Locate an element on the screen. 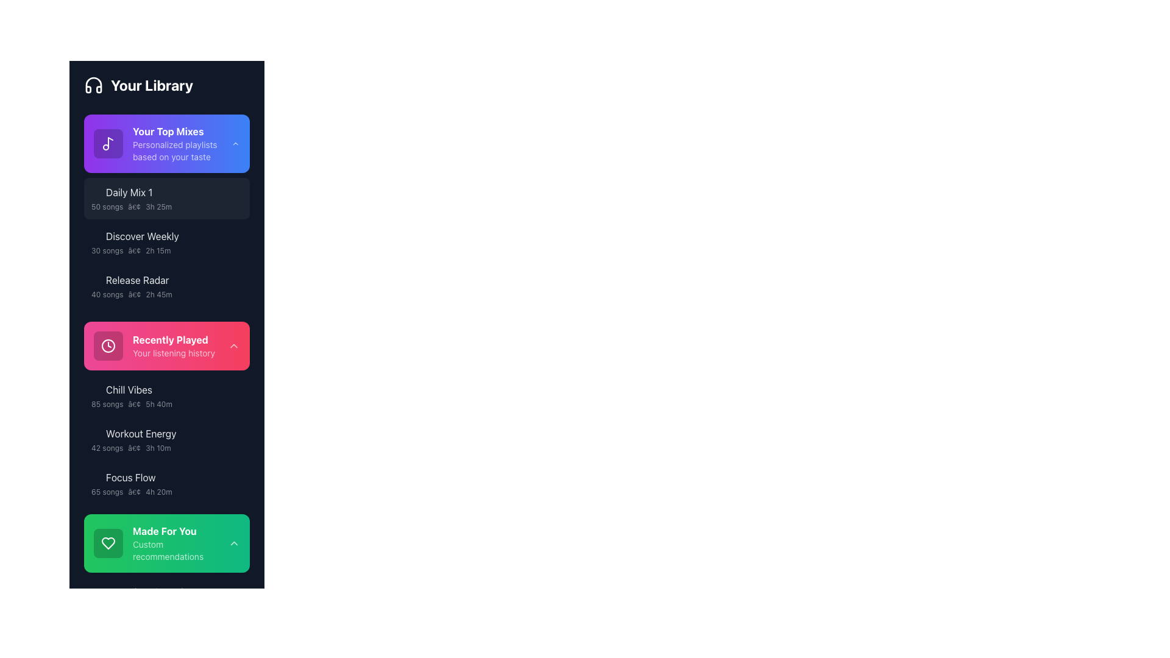 The image size is (1170, 658). the small triangular play icon located in the 'Workout Energy' section for accessibility navigation is located at coordinates (96, 433).